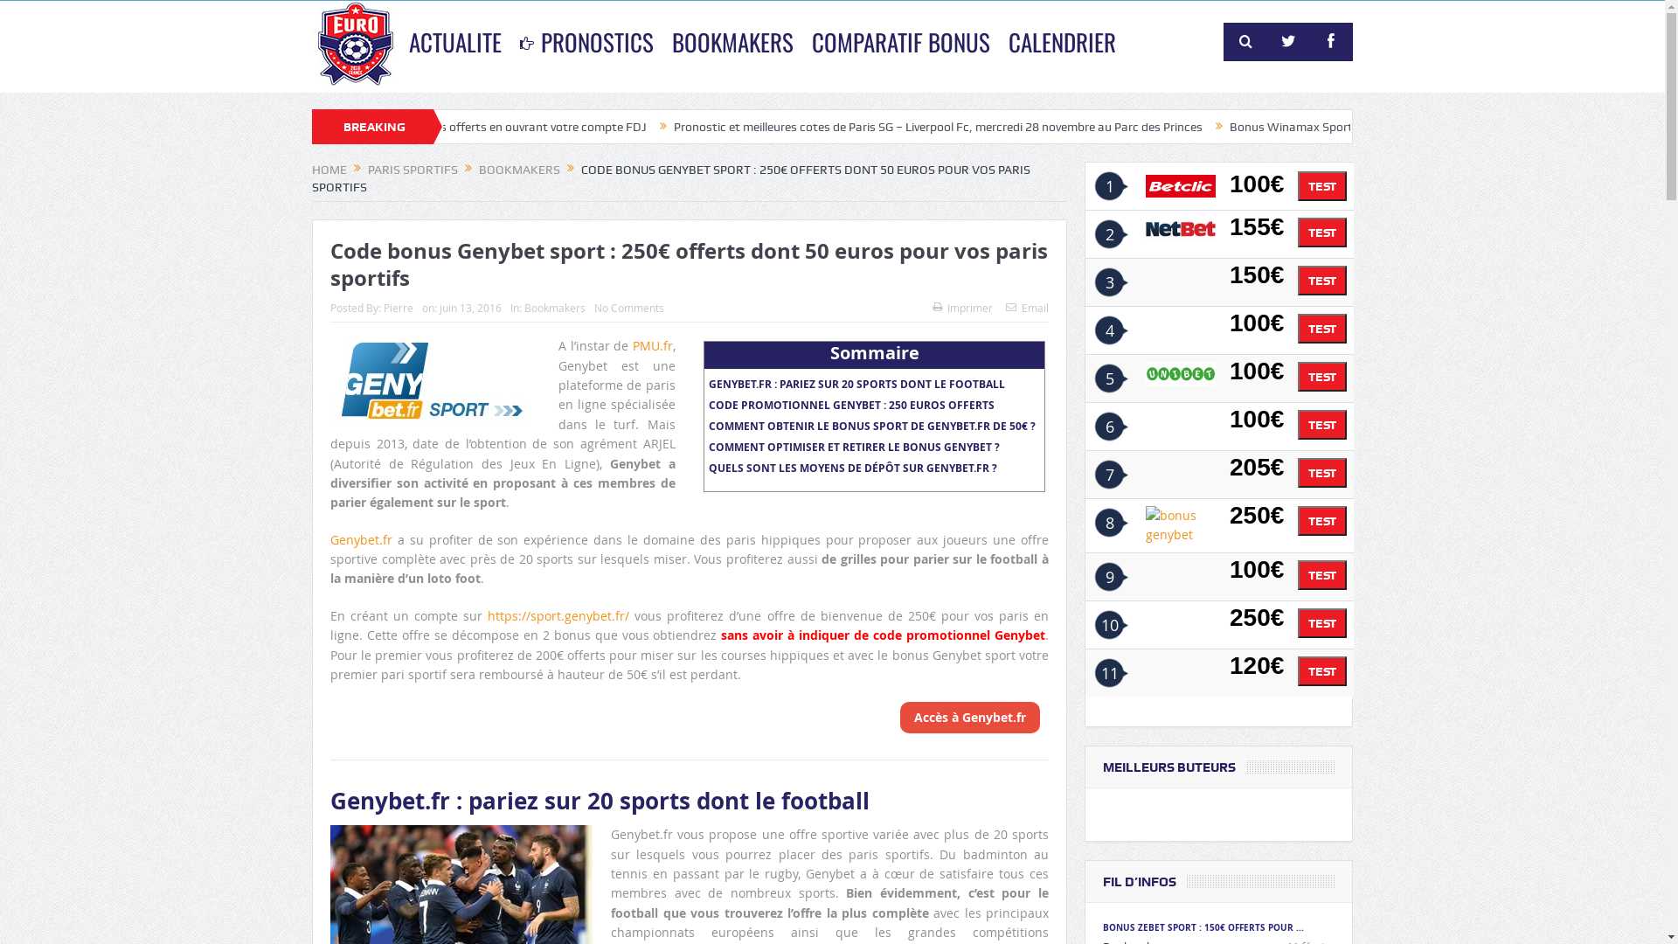 The image size is (1678, 944). What do you see at coordinates (856, 383) in the screenshot?
I see `'GENYBET.FR : PARIEZ SUR 20 SPORTS DONT LE FOOTBALL'` at bounding box center [856, 383].